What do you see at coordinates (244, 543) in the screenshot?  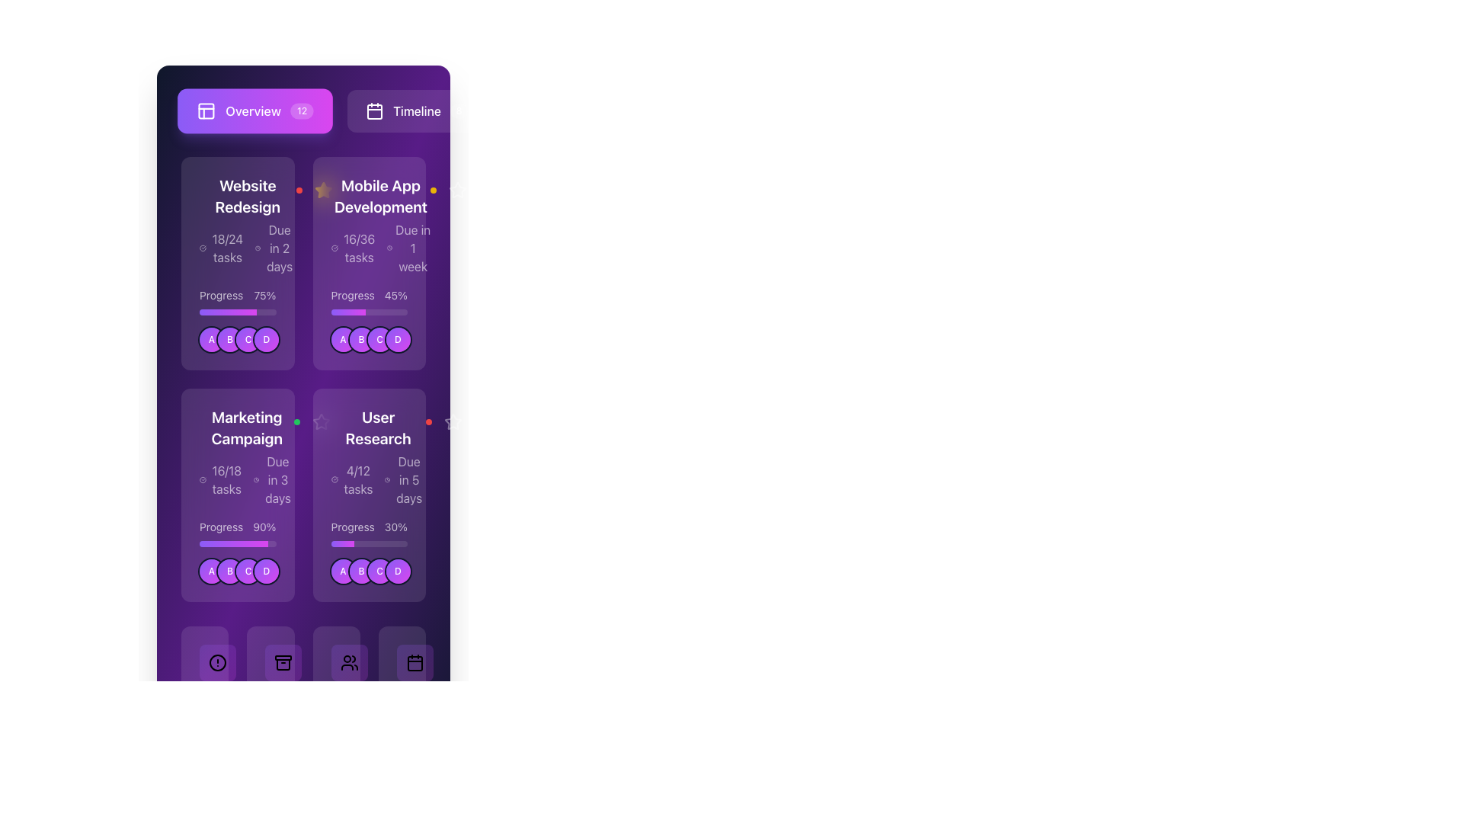 I see `progress bar` at bounding box center [244, 543].